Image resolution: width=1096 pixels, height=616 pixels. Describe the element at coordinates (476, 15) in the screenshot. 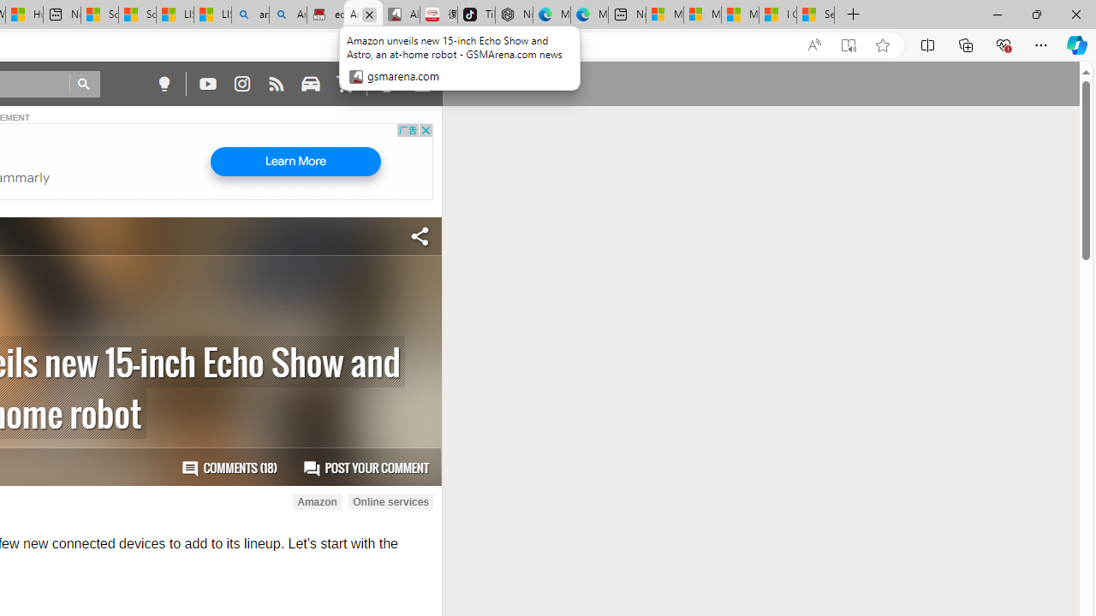

I see `'TikTok'` at that location.